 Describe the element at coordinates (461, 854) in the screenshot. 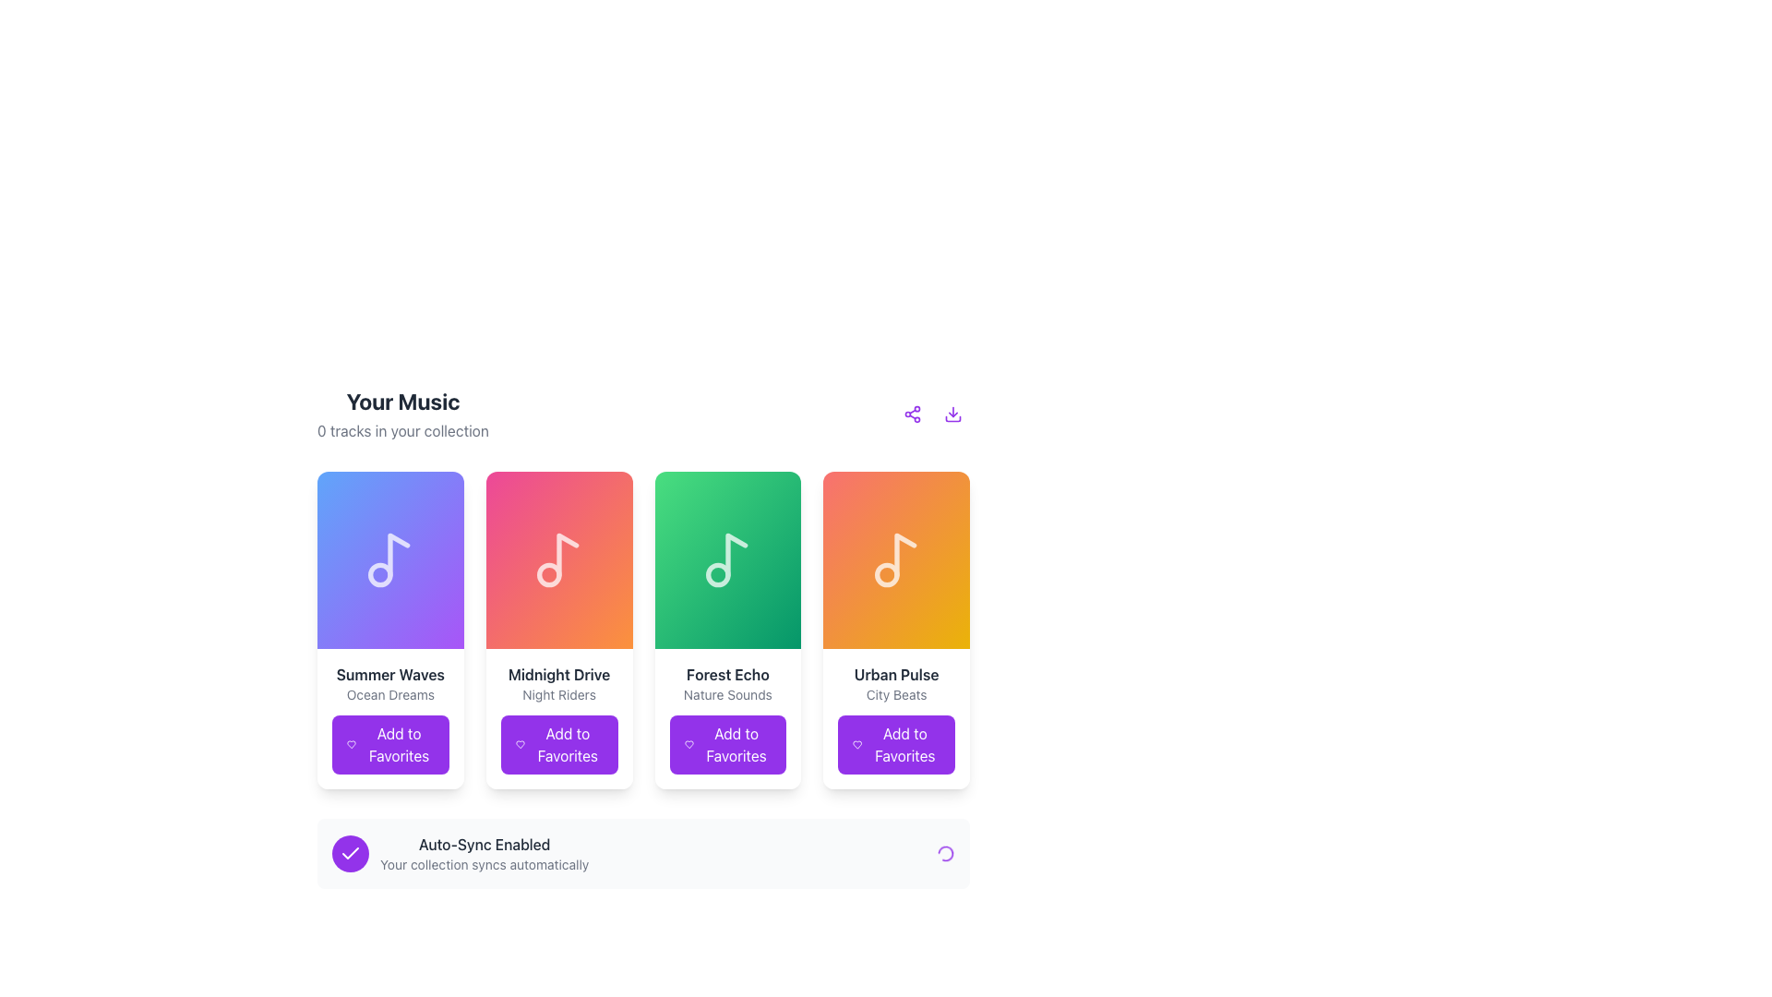

I see `the Information display component that features a circular purple icon with a white checkmark and the text 'Auto-Sync Enabled' with the description 'Your collection syncs automatically'` at that location.